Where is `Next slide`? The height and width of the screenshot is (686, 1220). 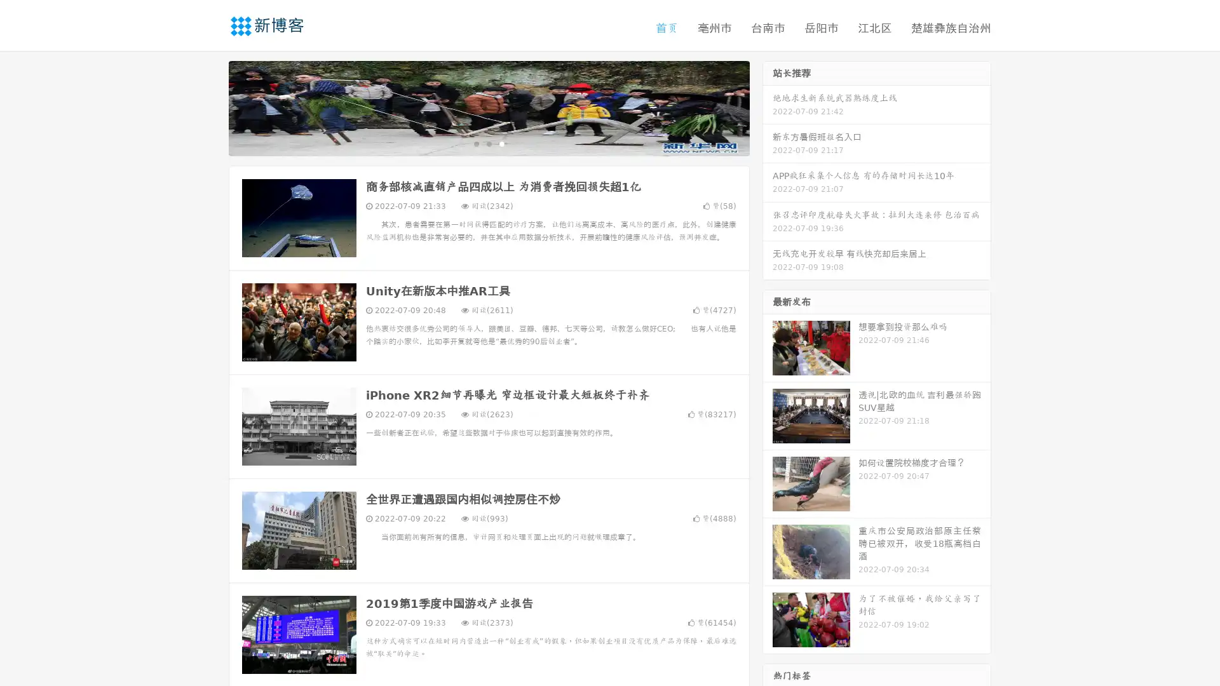
Next slide is located at coordinates (768, 107).